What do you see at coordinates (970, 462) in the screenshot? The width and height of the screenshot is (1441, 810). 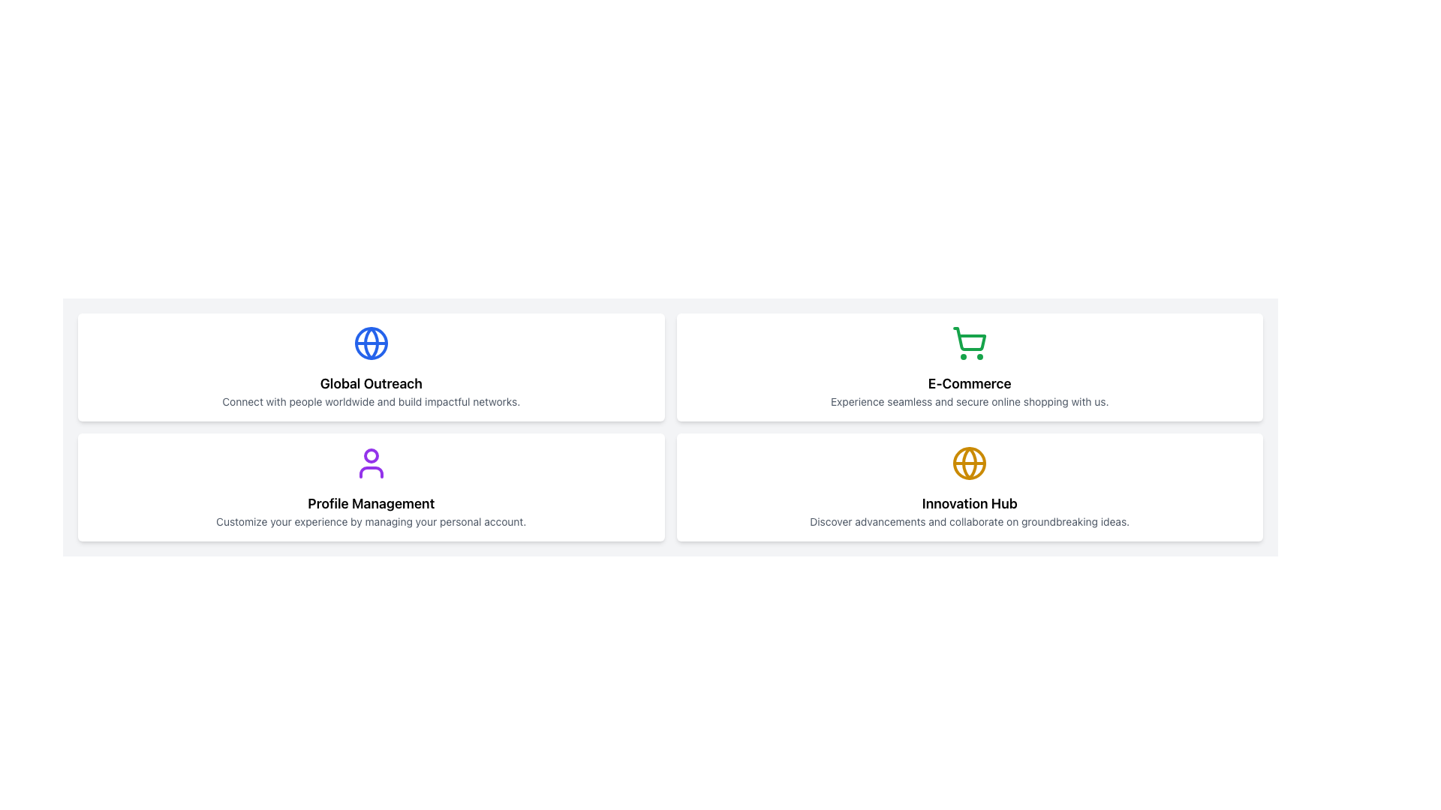 I see `the circular yellow globe icon with latitudinal and longitudinal lines, located in the bottom-right panel under 'Innovation Hub'` at bounding box center [970, 462].